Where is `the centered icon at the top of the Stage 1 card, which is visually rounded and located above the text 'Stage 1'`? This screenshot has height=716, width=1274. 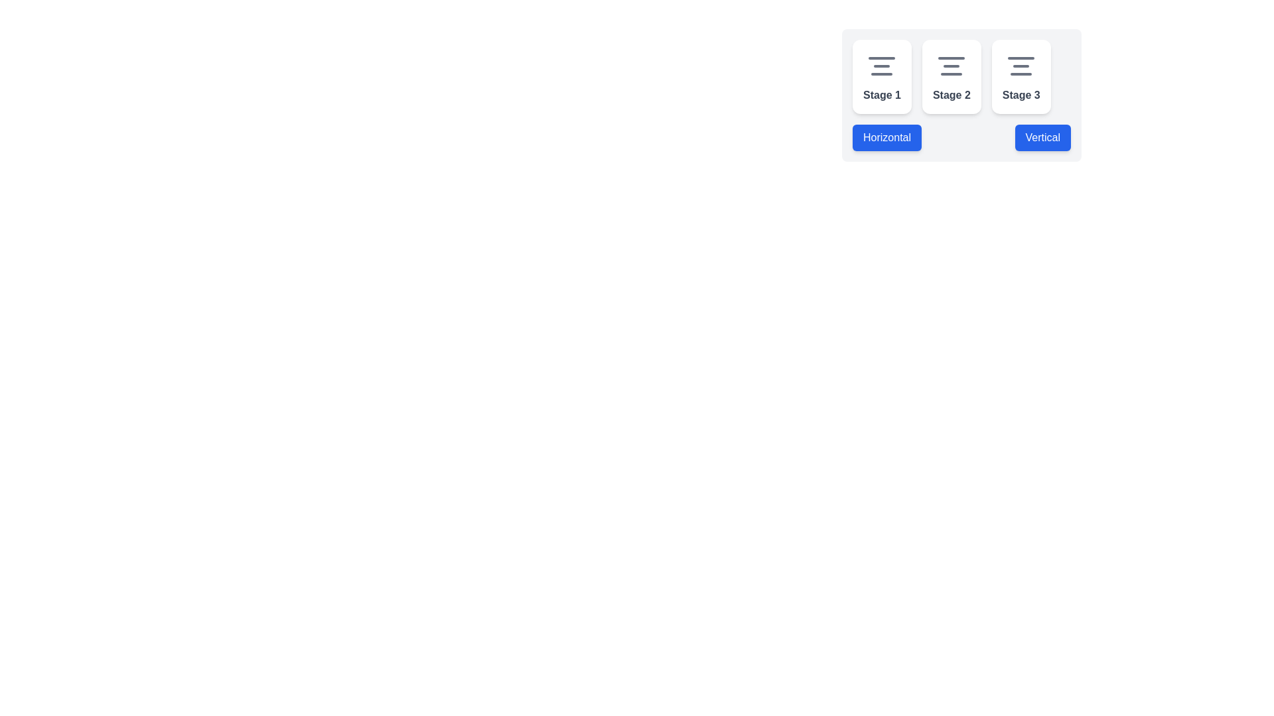 the centered icon at the top of the Stage 1 card, which is visually rounded and located above the text 'Stage 1' is located at coordinates (882, 66).